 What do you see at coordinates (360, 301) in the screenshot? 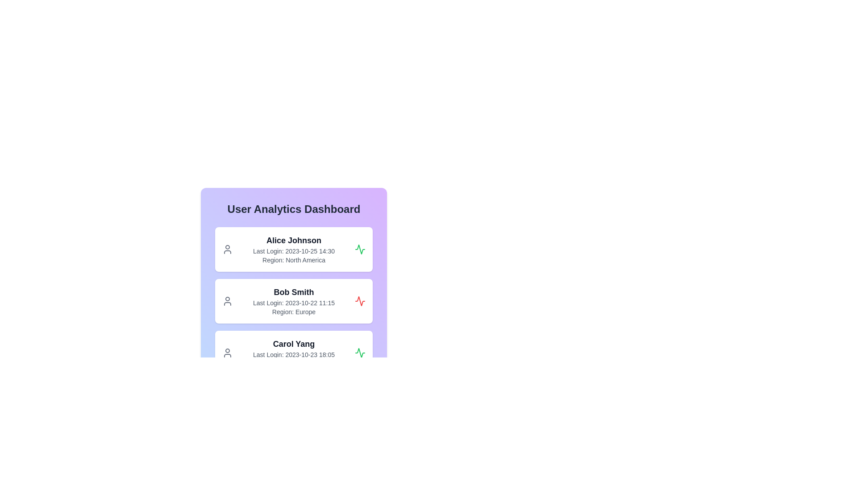
I see `the visual status of the status indicator icon located to the right of the 'Bob Smith' text in the second card of the vertically stacked card layout` at bounding box center [360, 301].